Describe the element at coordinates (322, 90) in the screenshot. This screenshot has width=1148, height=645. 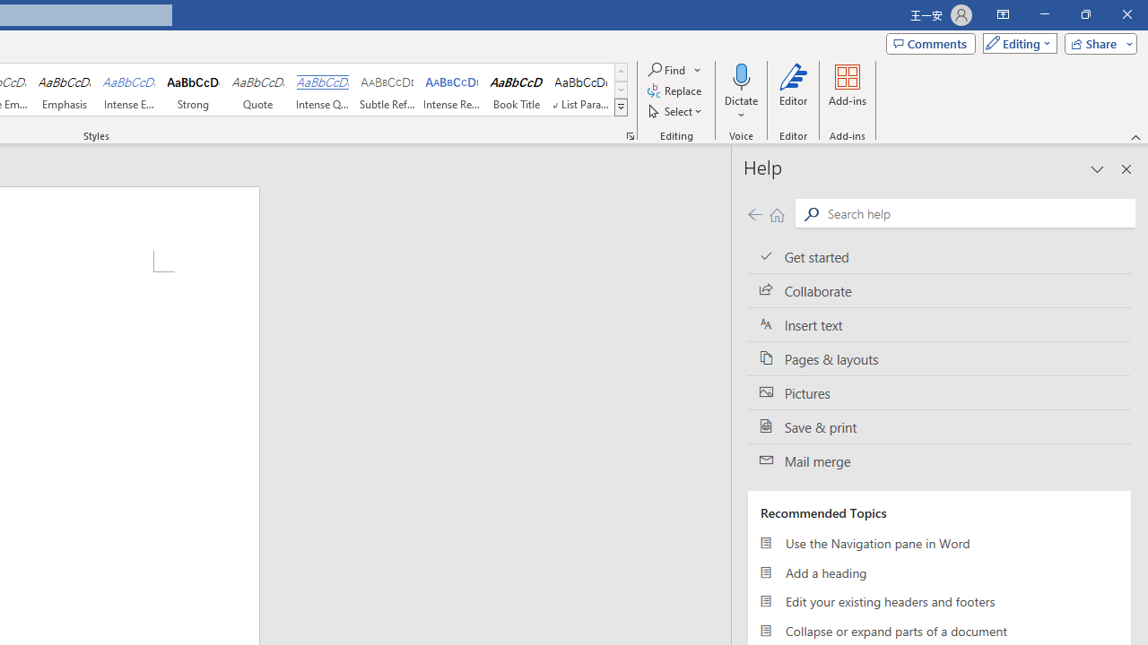
I see `'Intense Quote'` at that location.